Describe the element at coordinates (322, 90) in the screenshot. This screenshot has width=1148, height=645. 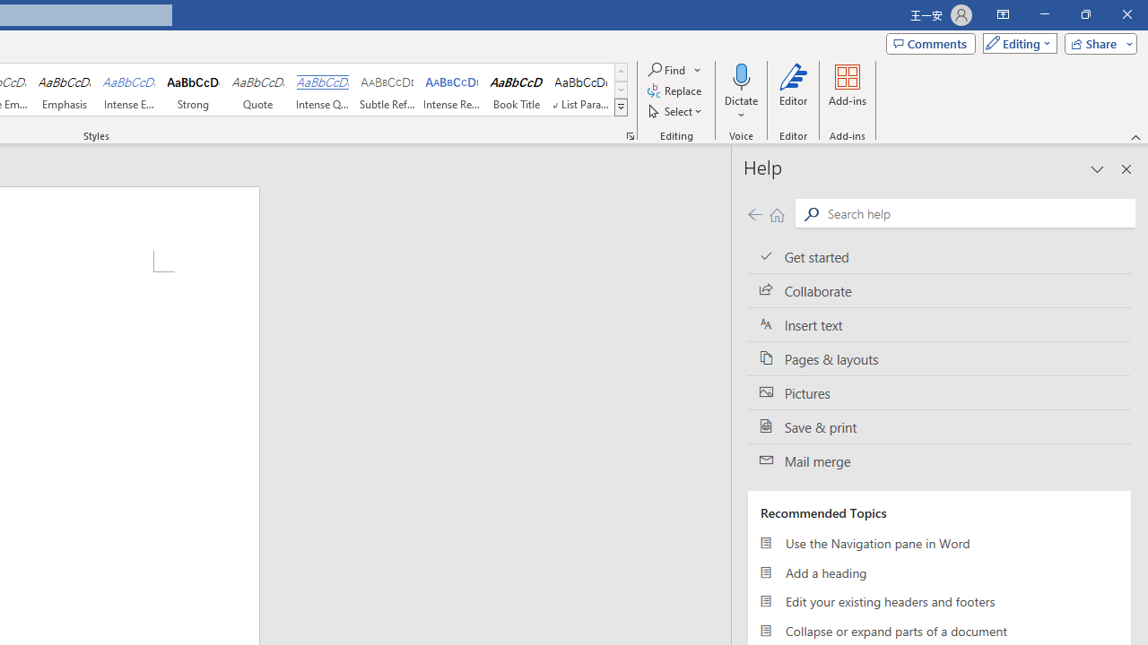
I see `'Intense Quote'` at that location.